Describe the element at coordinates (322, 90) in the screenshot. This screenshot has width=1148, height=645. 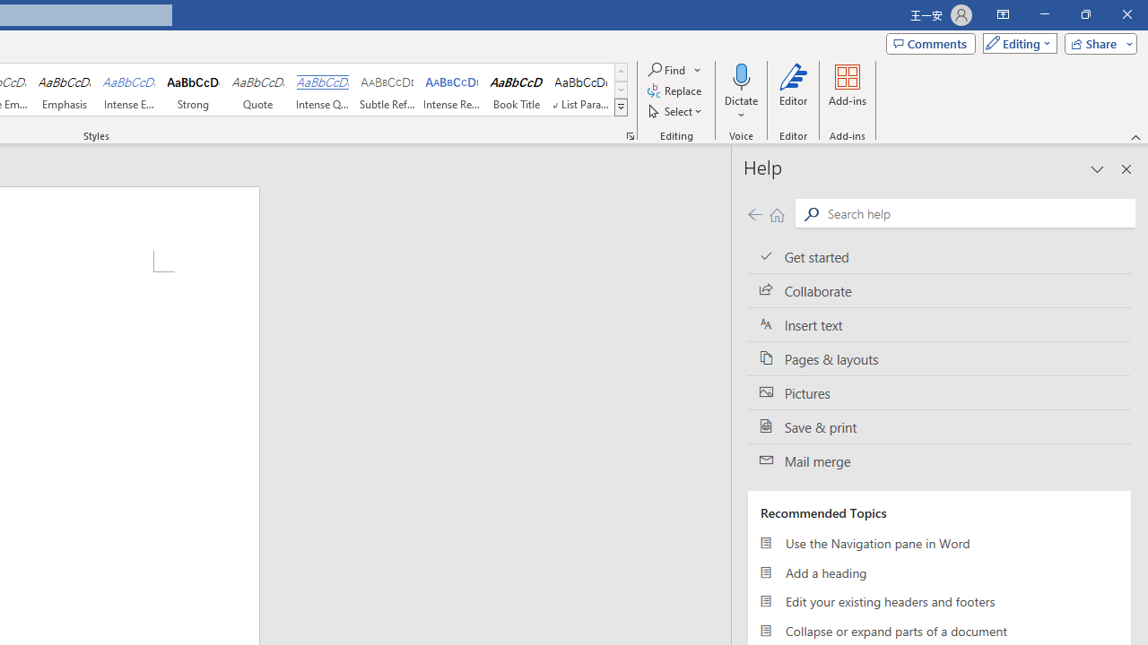
I see `'Intense Quote'` at that location.